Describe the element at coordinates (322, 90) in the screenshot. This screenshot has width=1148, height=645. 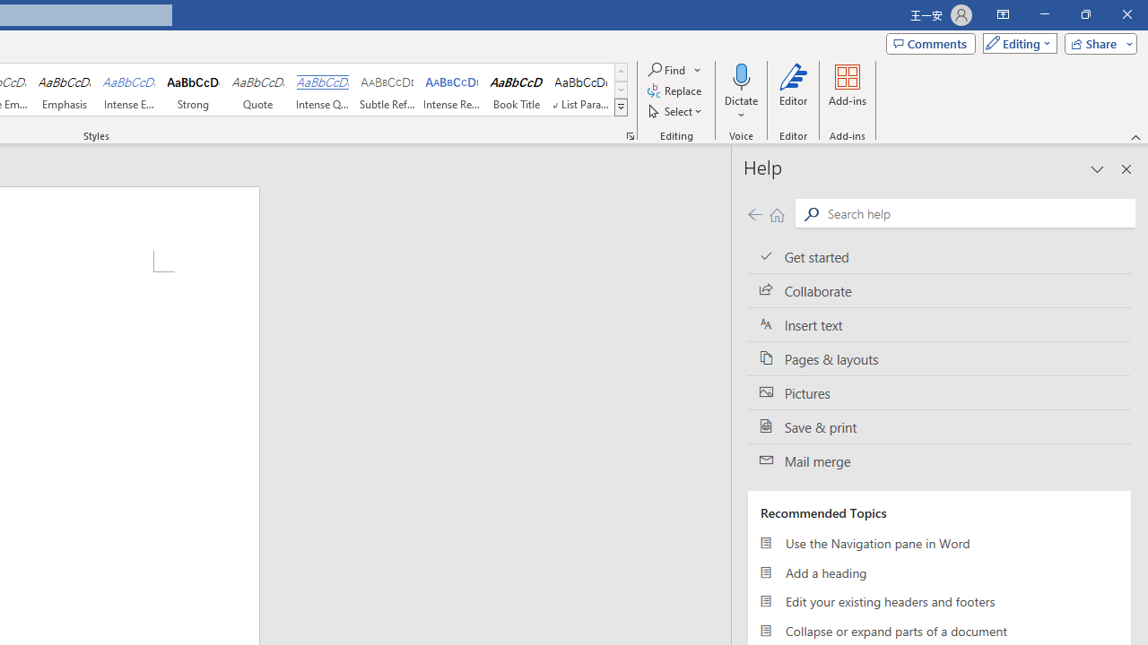
I see `'Intense Quote'` at that location.